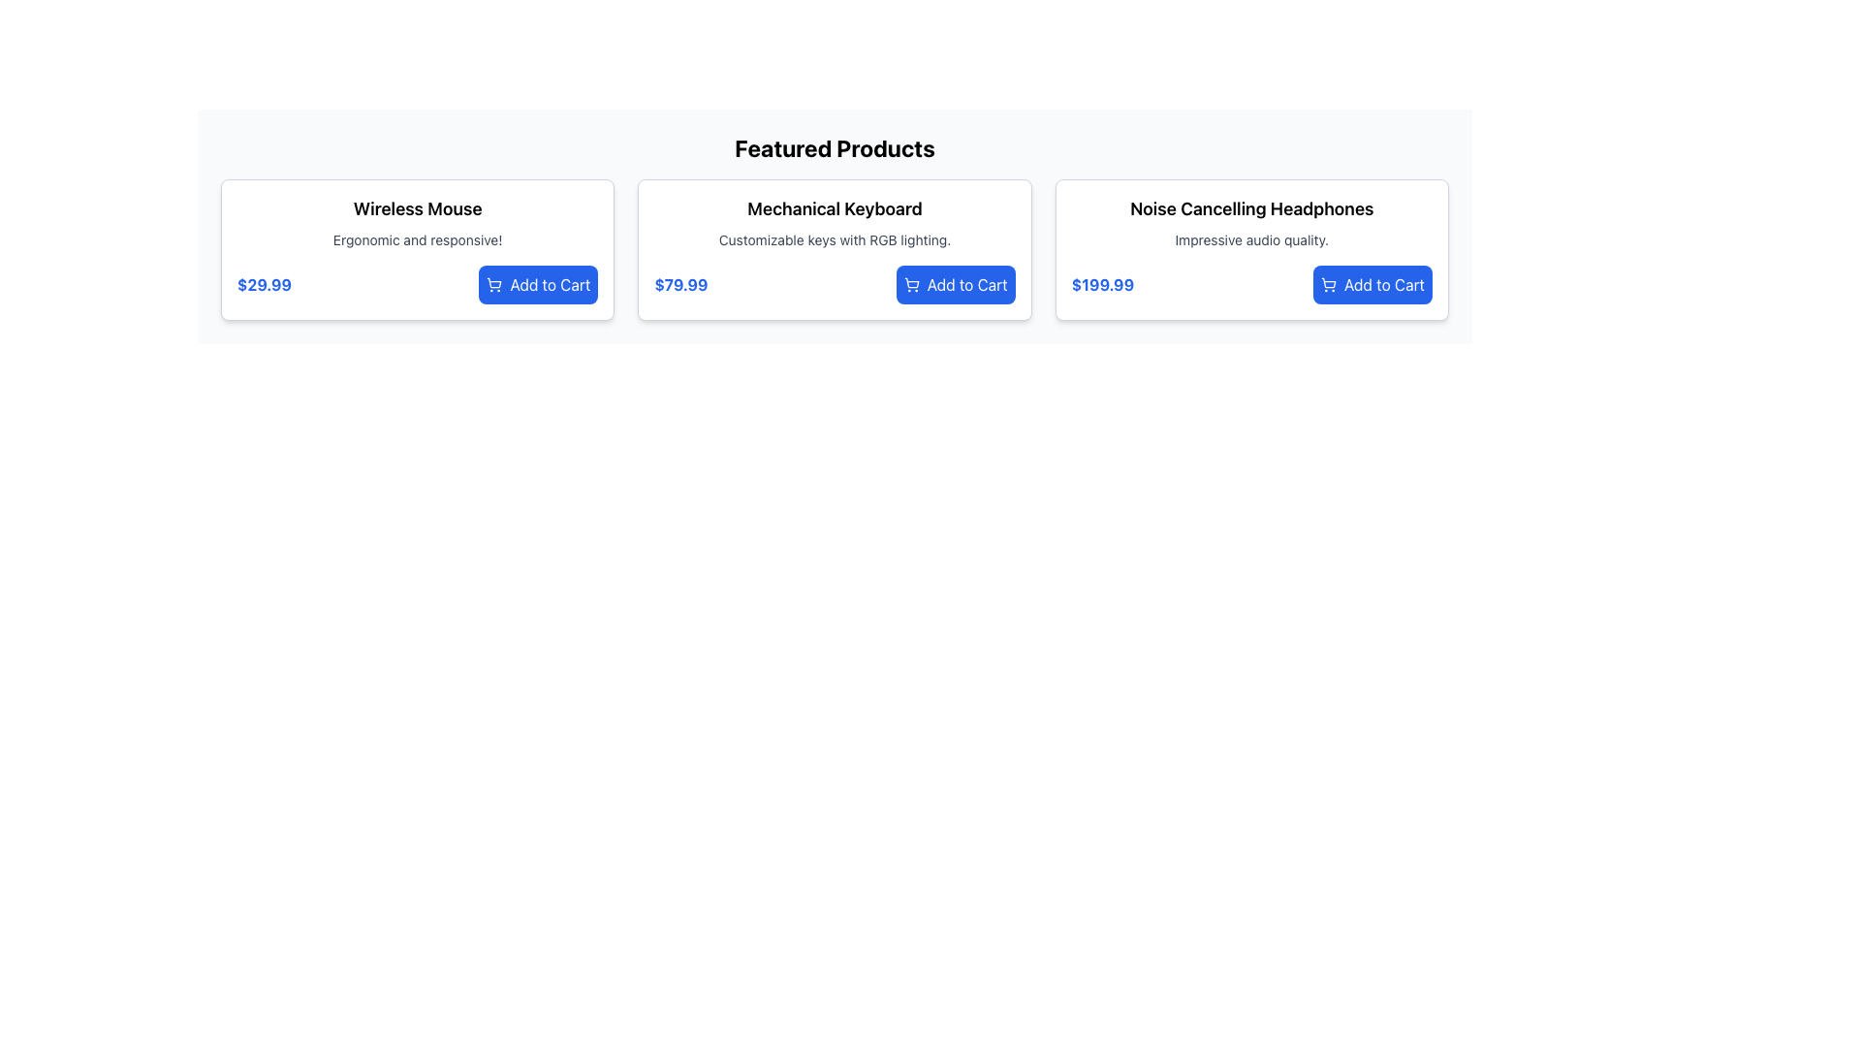  I want to click on the static text label that provides additional information about 'Noise Cancelling Headphones', located beneath the title and above the price and 'Add to Cart' section, so click(1251, 238).